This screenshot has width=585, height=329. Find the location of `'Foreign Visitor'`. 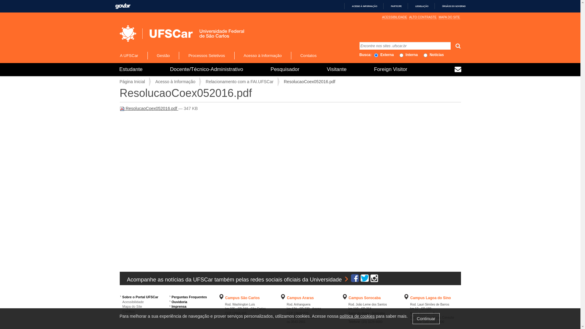

'Foreign Visitor' is located at coordinates (390, 69).